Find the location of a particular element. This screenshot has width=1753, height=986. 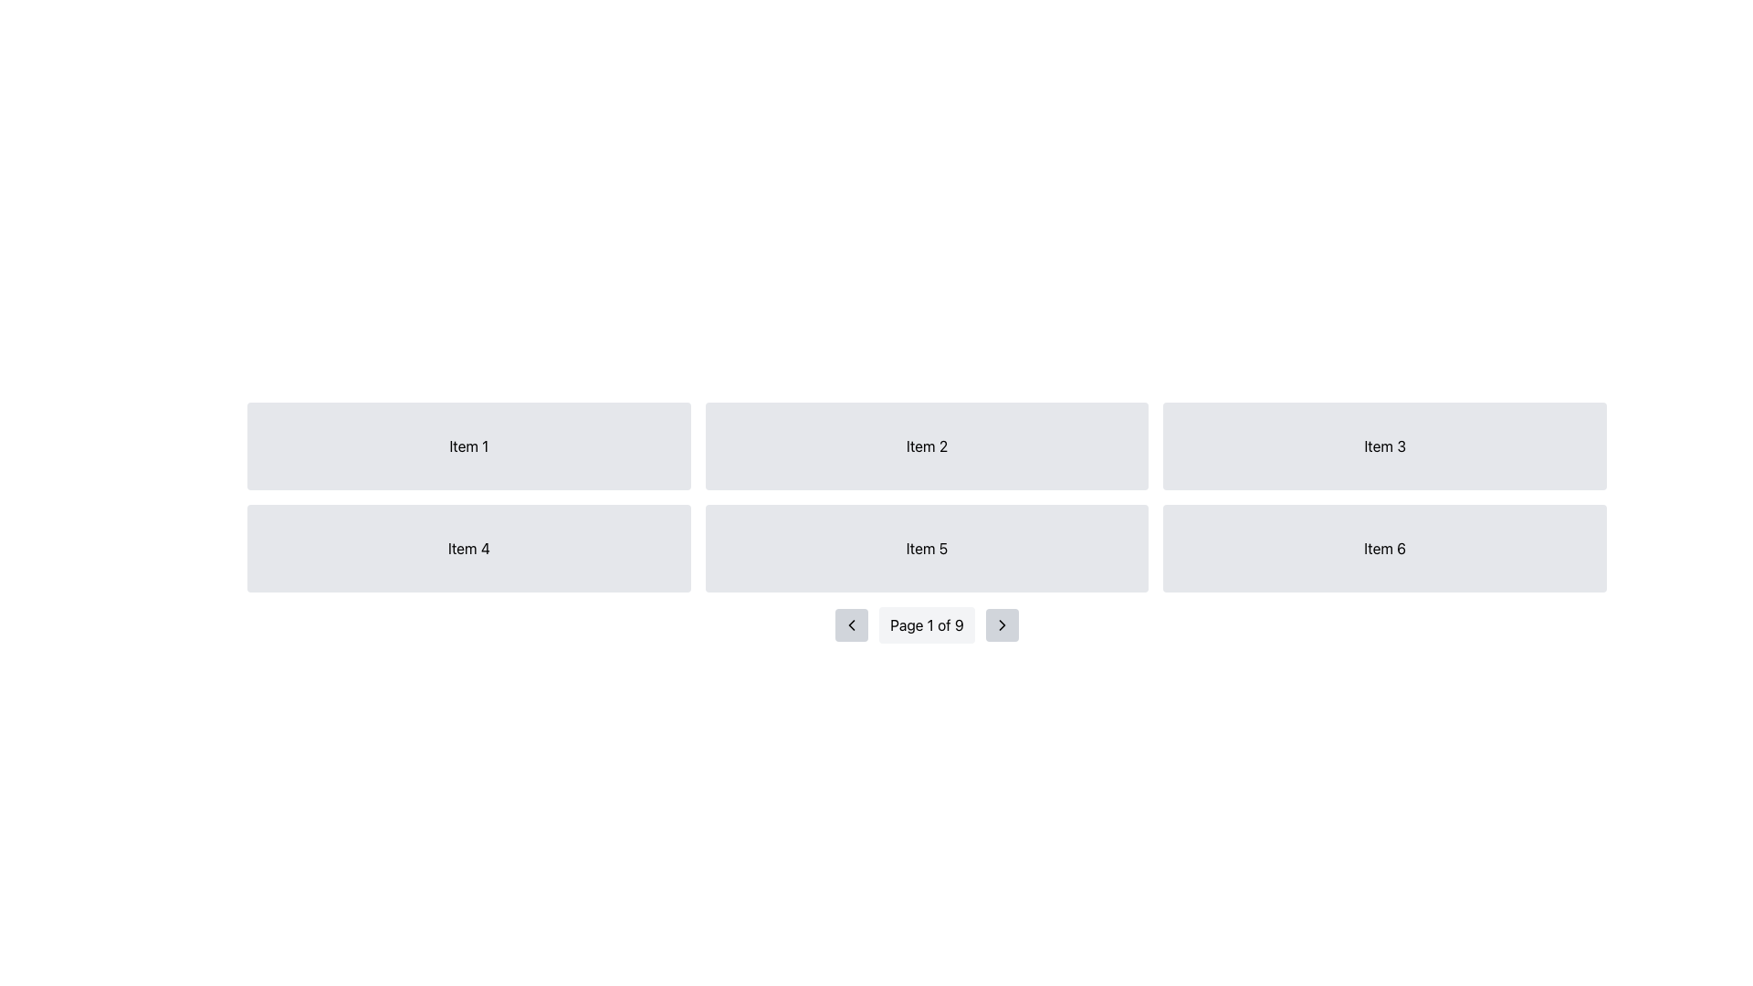

the pagination button located on the right-hand side of the pagination bar is located at coordinates (1001, 624).